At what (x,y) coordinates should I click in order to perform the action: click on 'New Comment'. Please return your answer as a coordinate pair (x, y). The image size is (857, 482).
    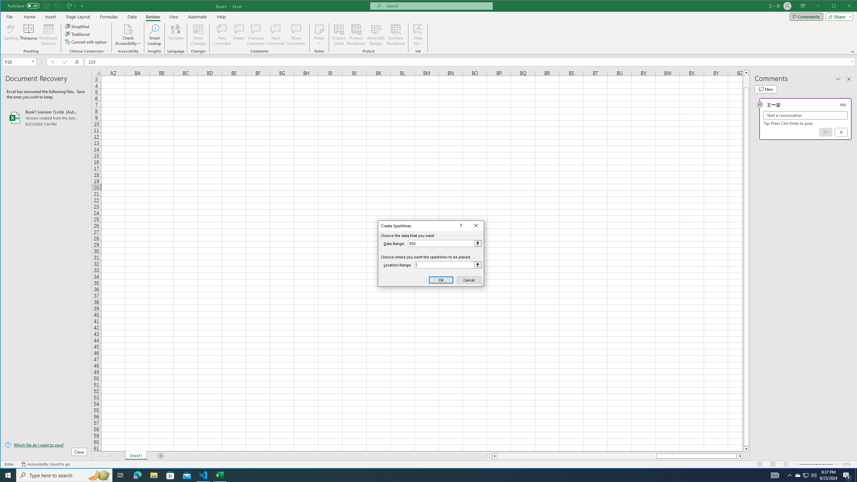
    Looking at the image, I should click on (222, 34).